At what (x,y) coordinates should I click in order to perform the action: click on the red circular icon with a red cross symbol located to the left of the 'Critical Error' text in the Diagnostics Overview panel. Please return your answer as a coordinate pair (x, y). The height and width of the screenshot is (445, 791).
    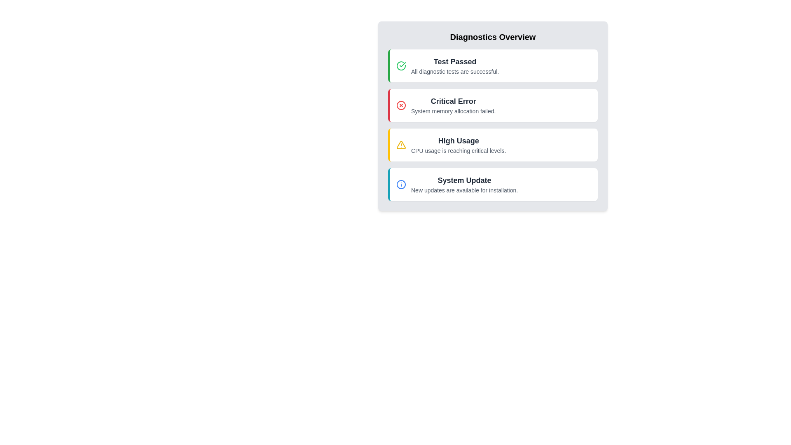
    Looking at the image, I should click on (401, 105).